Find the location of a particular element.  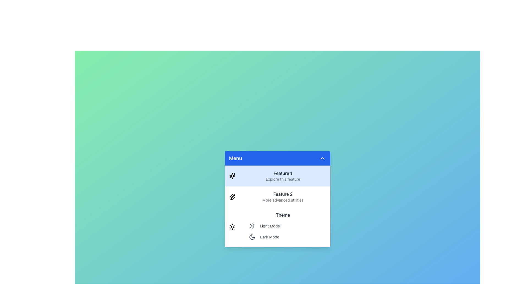

the 'Light Mode' icon located in the 'Theme' menu section to interact with the theme setting is located at coordinates (232, 227).